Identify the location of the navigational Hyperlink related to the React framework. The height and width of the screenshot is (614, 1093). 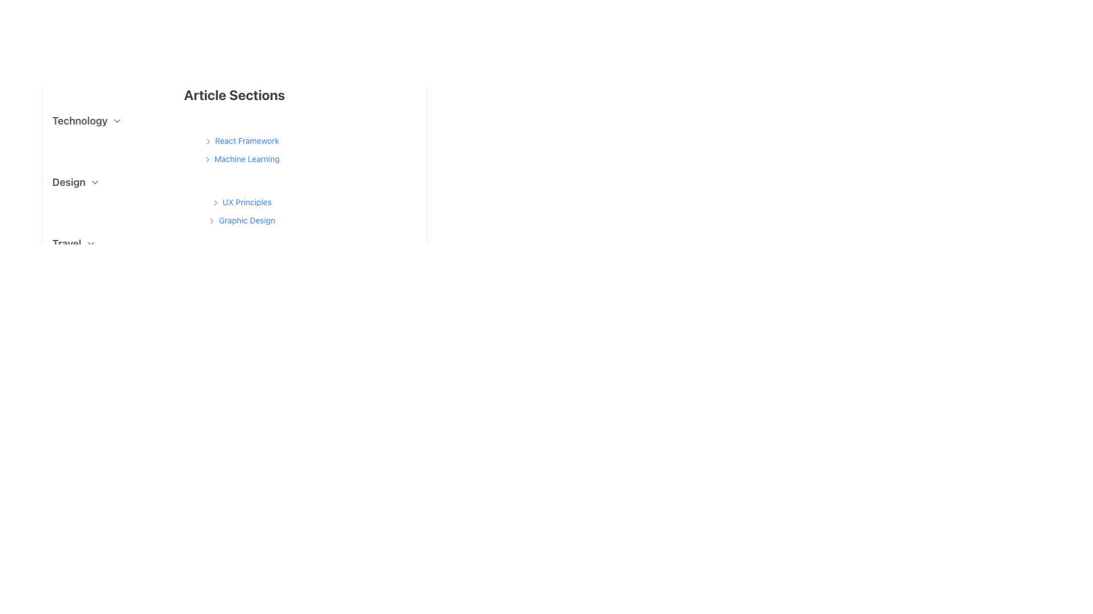
(240, 140).